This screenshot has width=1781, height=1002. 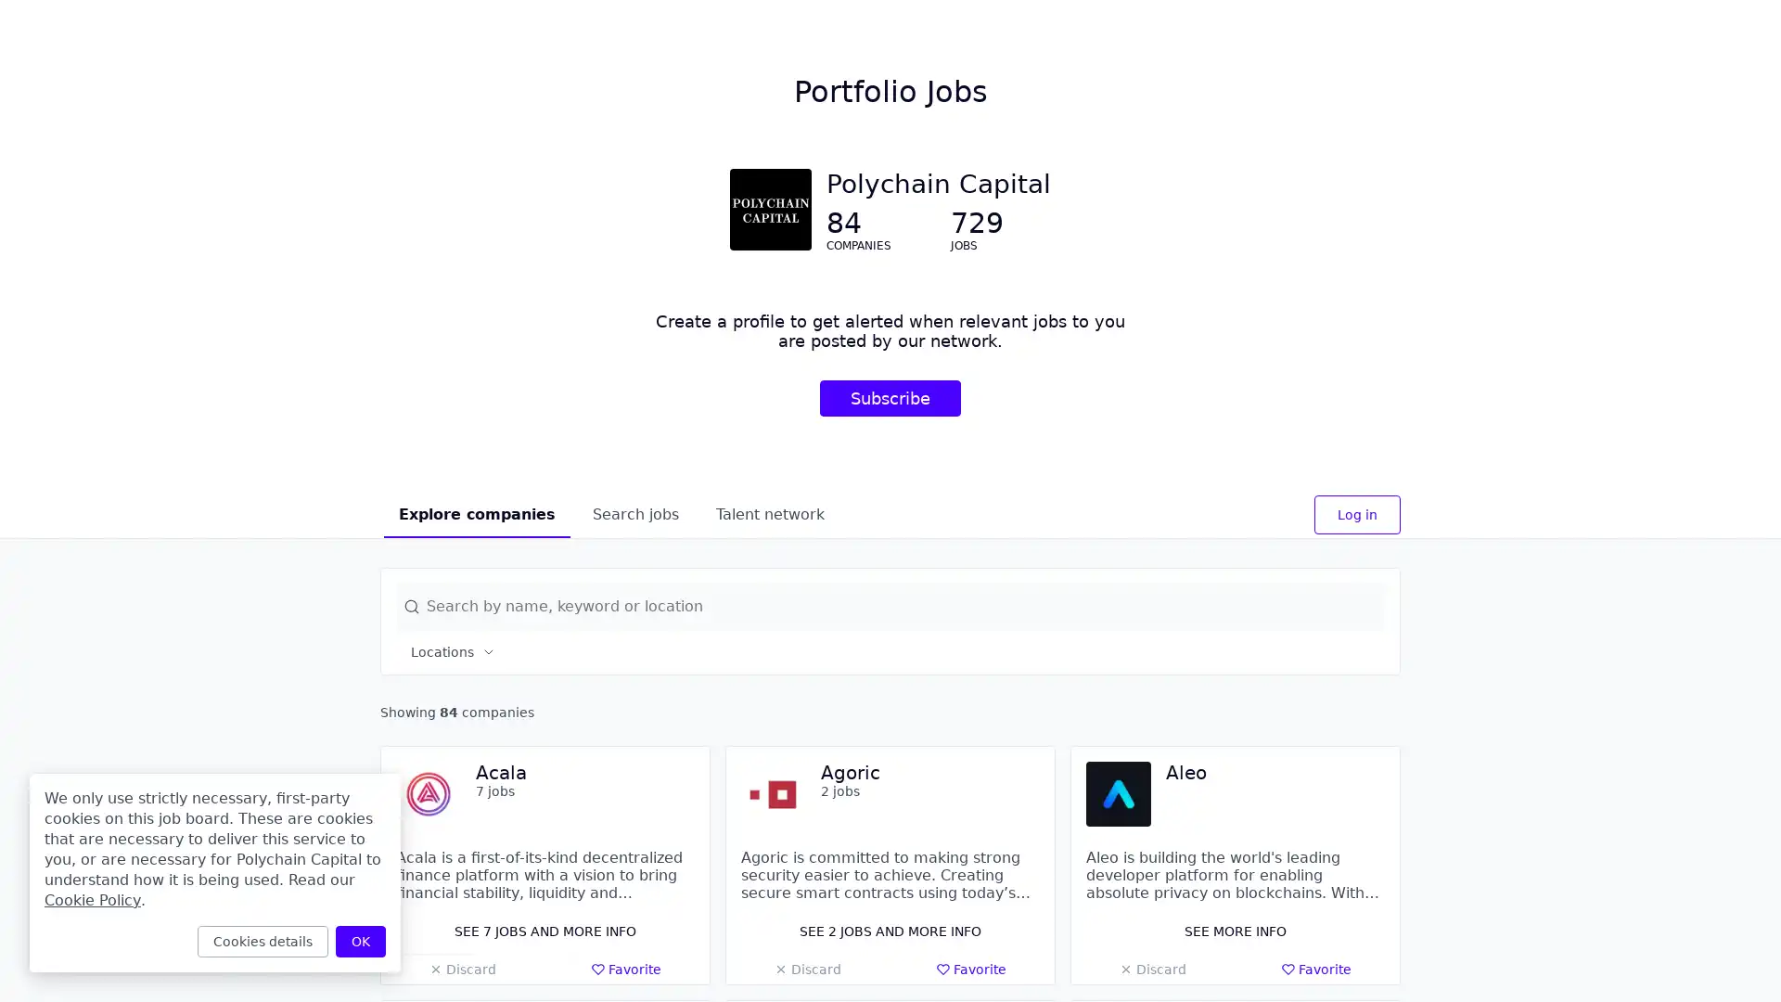 What do you see at coordinates (1151, 969) in the screenshot?
I see `Discard` at bounding box center [1151, 969].